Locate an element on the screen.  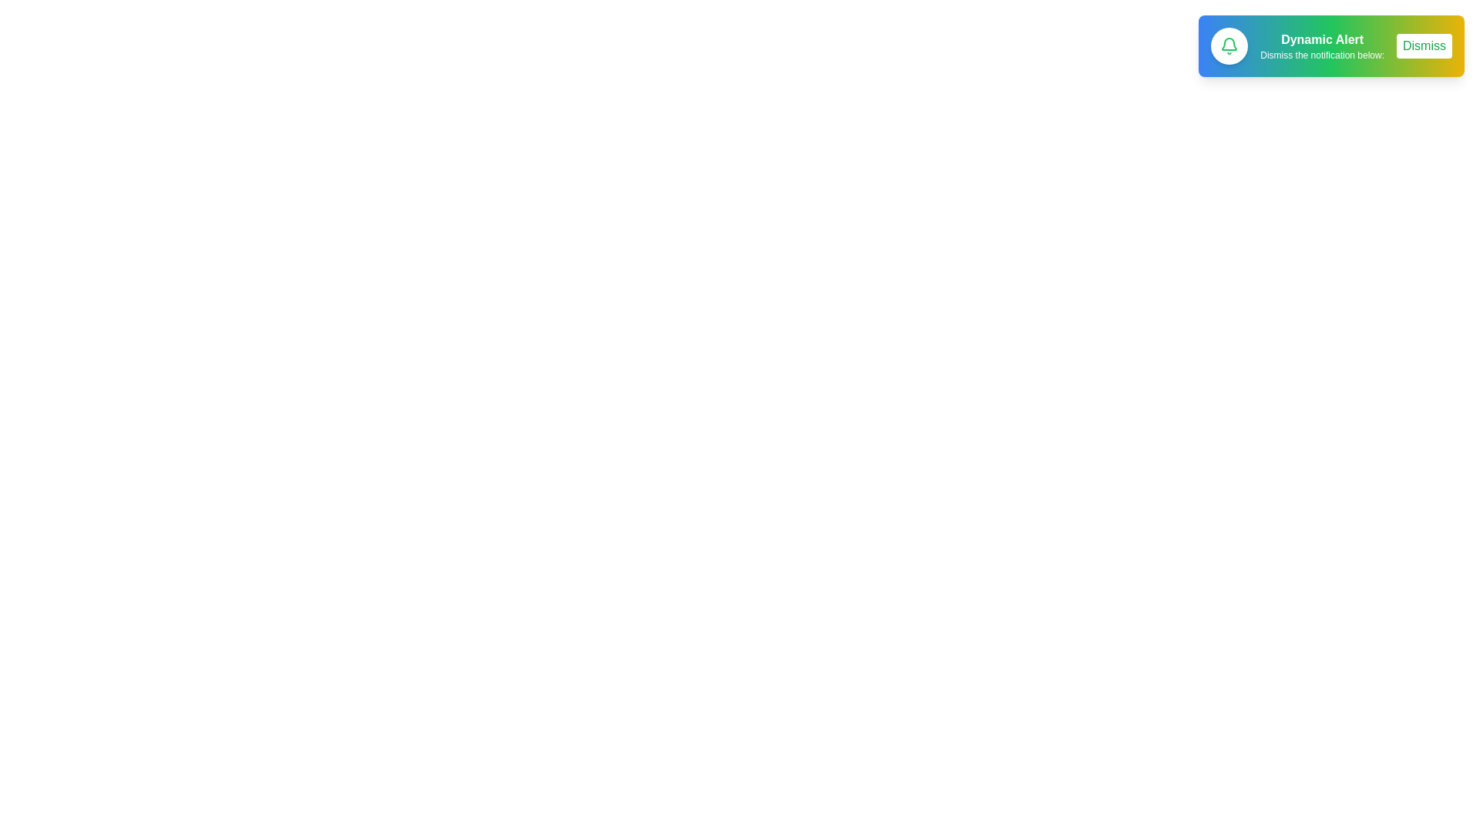
the notification icon to test its accessibility features is located at coordinates (1228, 45).